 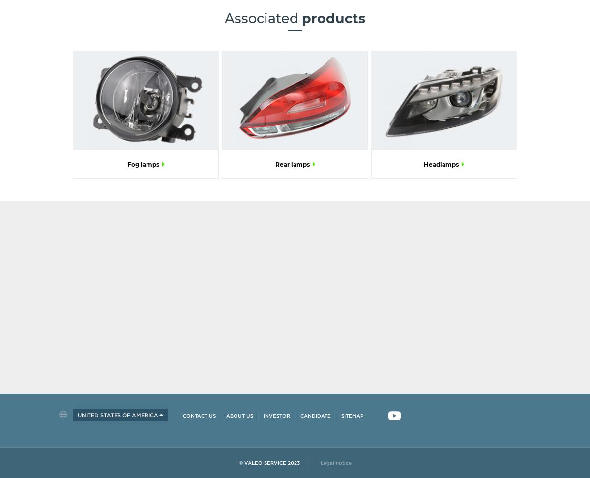 What do you see at coordinates (224, 18) in the screenshot?
I see `'Associated'` at bounding box center [224, 18].